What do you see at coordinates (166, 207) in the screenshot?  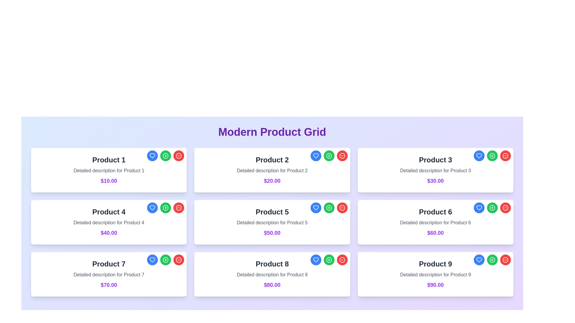 I see `the green circular button with a white plus icon located in the top-right corner of the 'Product 4' card` at bounding box center [166, 207].